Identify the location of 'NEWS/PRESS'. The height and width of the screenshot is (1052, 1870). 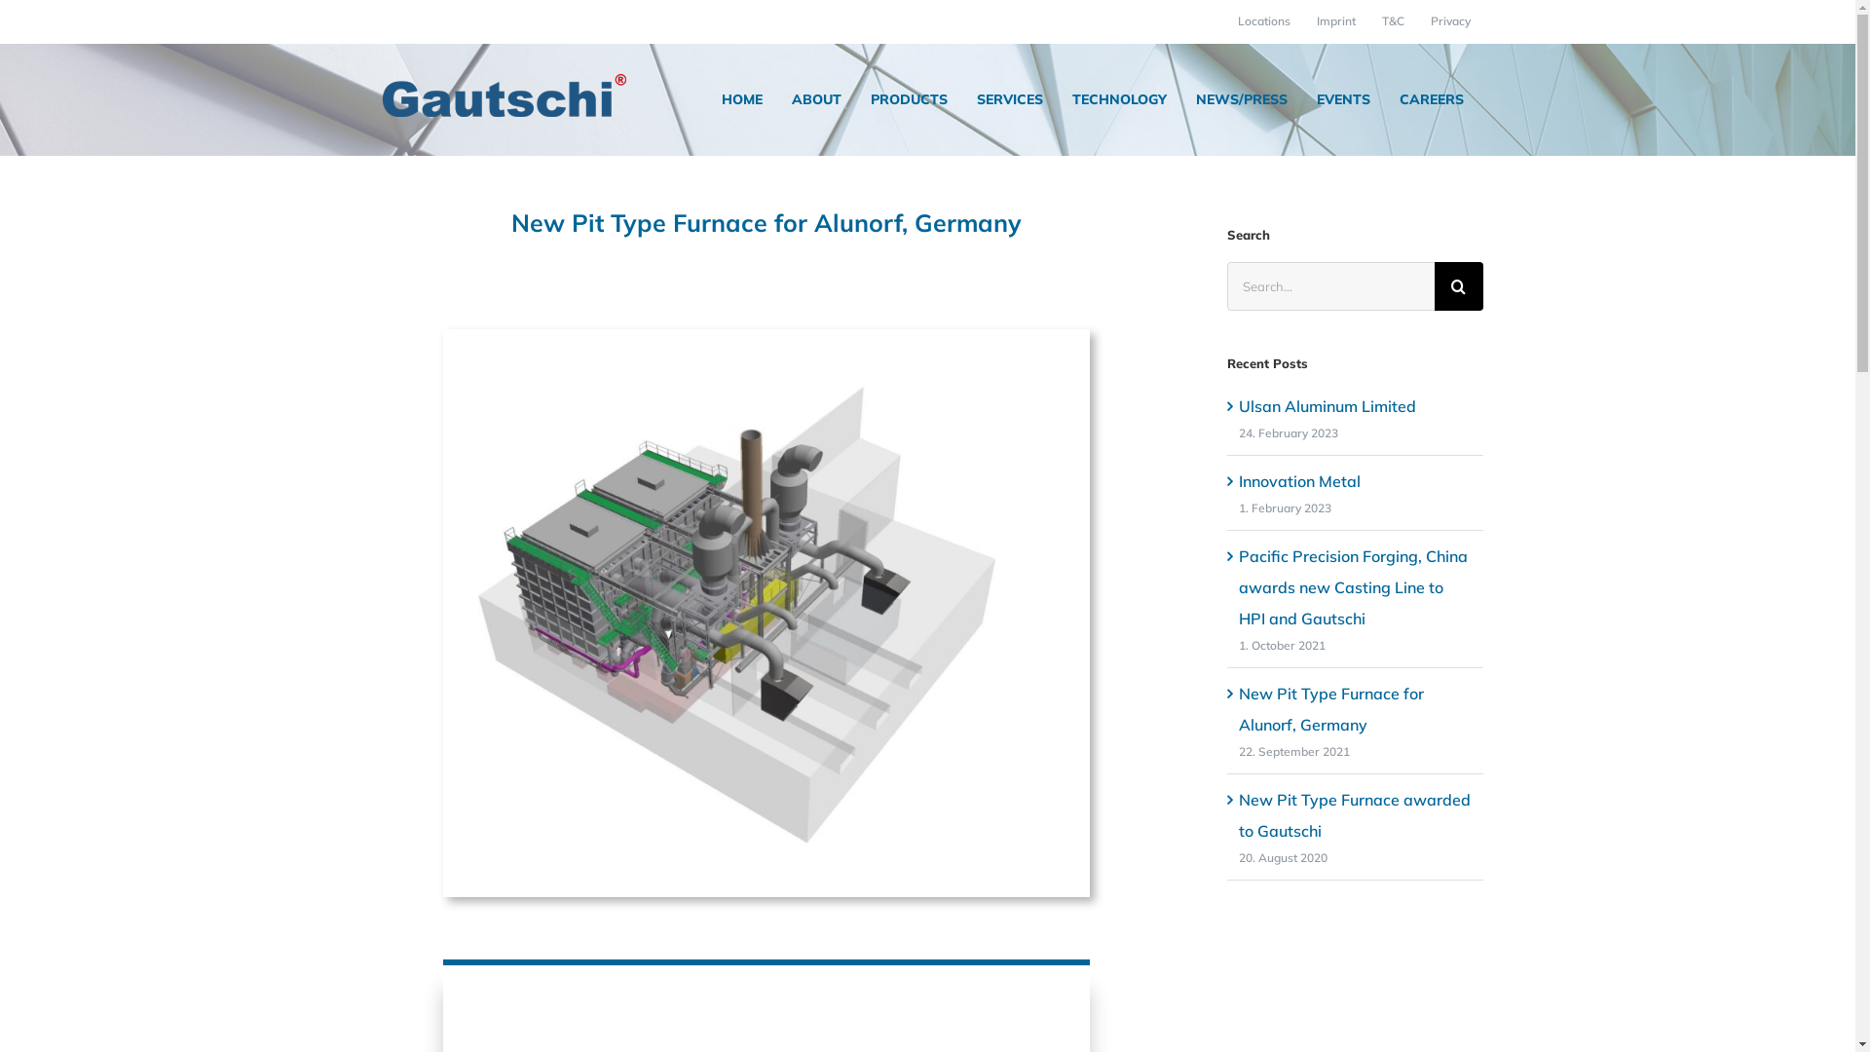
(1241, 98).